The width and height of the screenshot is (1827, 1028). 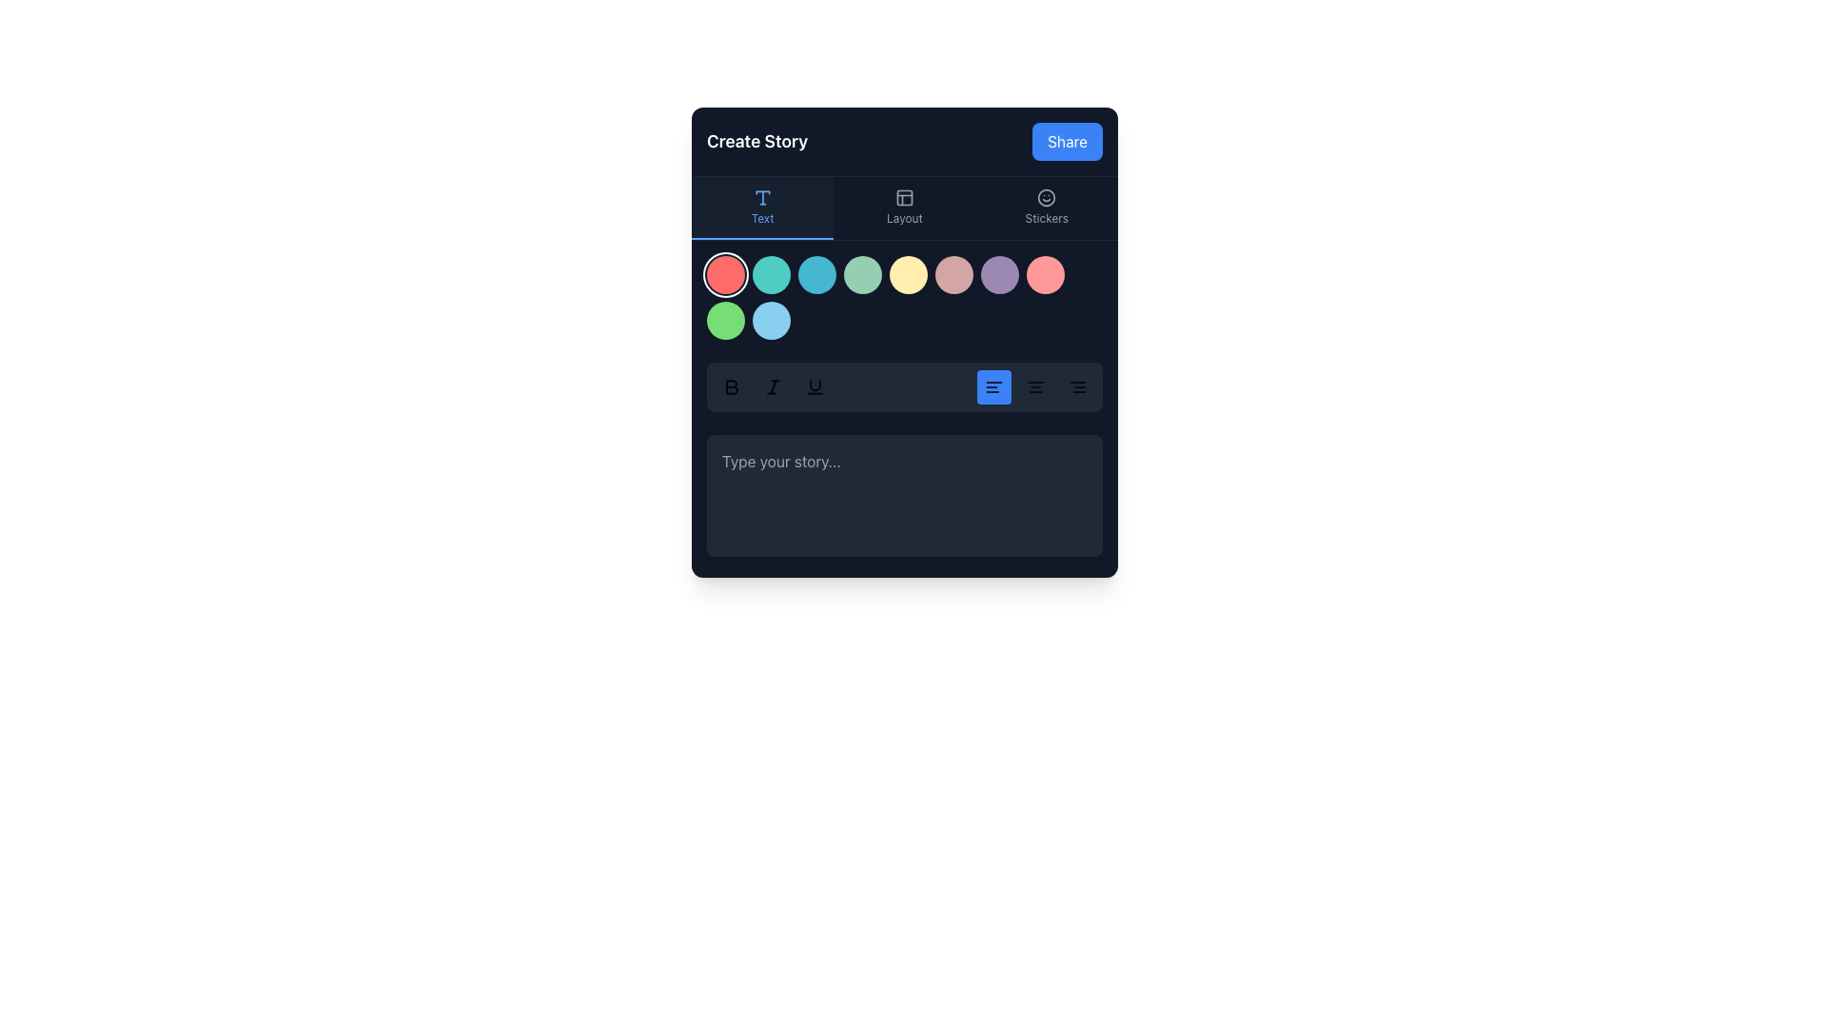 What do you see at coordinates (993, 386) in the screenshot?
I see `the left alignment icon button, which resembles three horizontal lines and is located on the toolbar, part of the alignment options group` at bounding box center [993, 386].